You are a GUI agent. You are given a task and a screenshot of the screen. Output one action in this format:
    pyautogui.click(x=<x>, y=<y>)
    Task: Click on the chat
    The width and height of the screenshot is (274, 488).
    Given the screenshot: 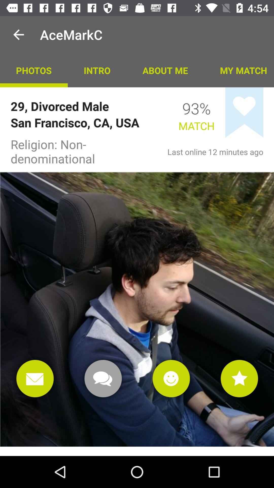 What is the action you would take?
    pyautogui.click(x=103, y=378)
    